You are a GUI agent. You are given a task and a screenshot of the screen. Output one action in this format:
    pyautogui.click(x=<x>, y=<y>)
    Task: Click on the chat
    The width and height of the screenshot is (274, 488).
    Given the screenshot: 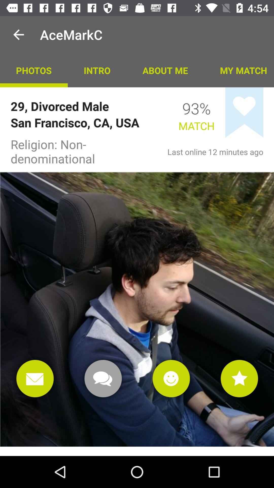 What is the action you would take?
    pyautogui.click(x=103, y=378)
    